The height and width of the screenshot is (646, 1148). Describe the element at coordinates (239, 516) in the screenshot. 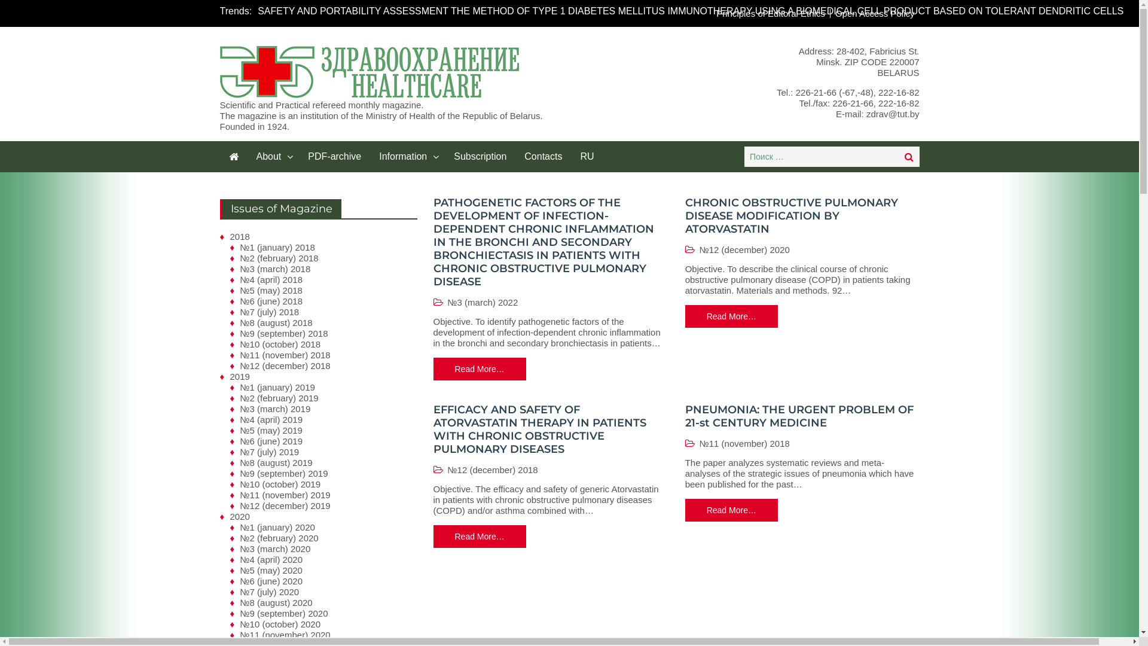

I see `'2020'` at that location.